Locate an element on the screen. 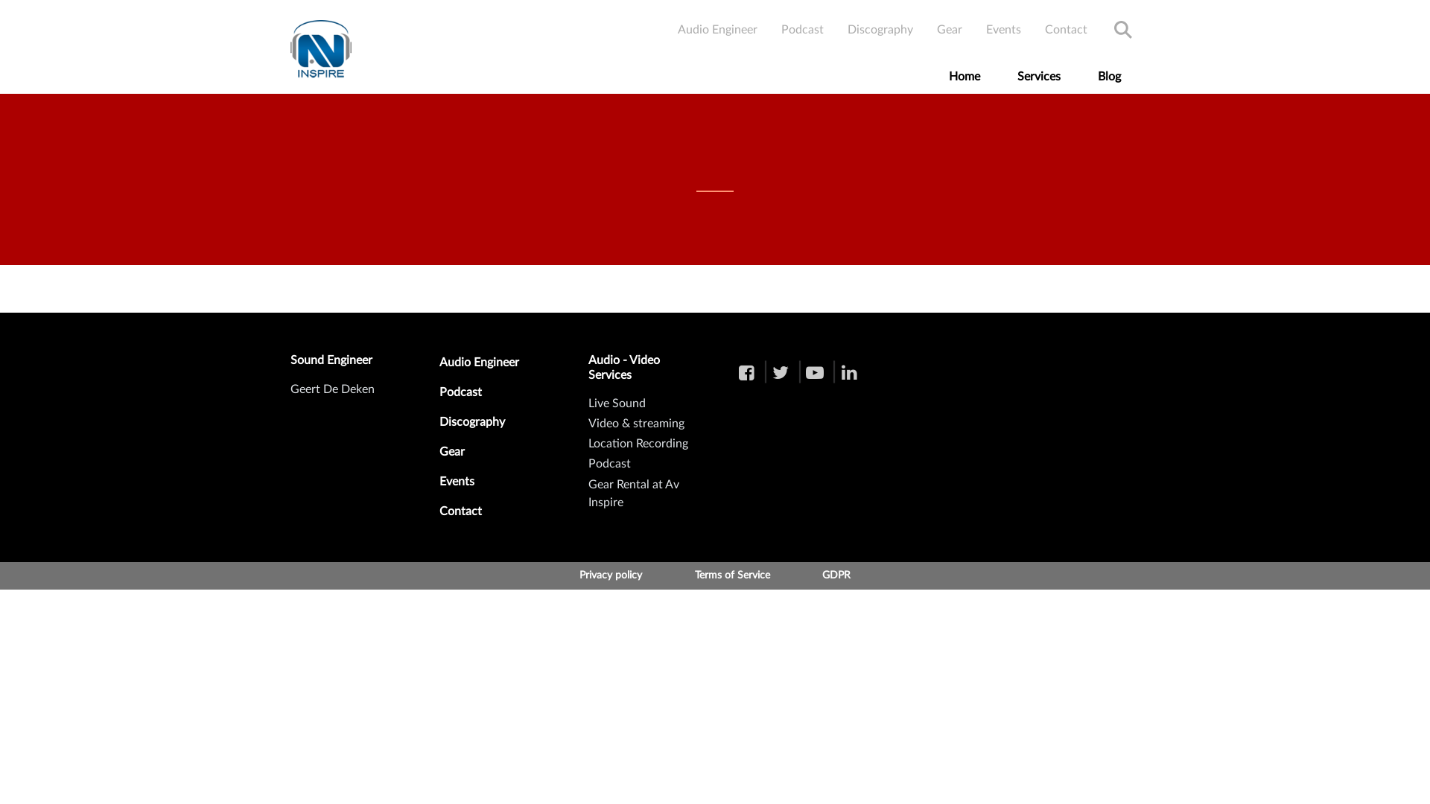 The height and width of the screenshot is (804, 1430). 'Privacy policy' is located at coordinates (611, 575).